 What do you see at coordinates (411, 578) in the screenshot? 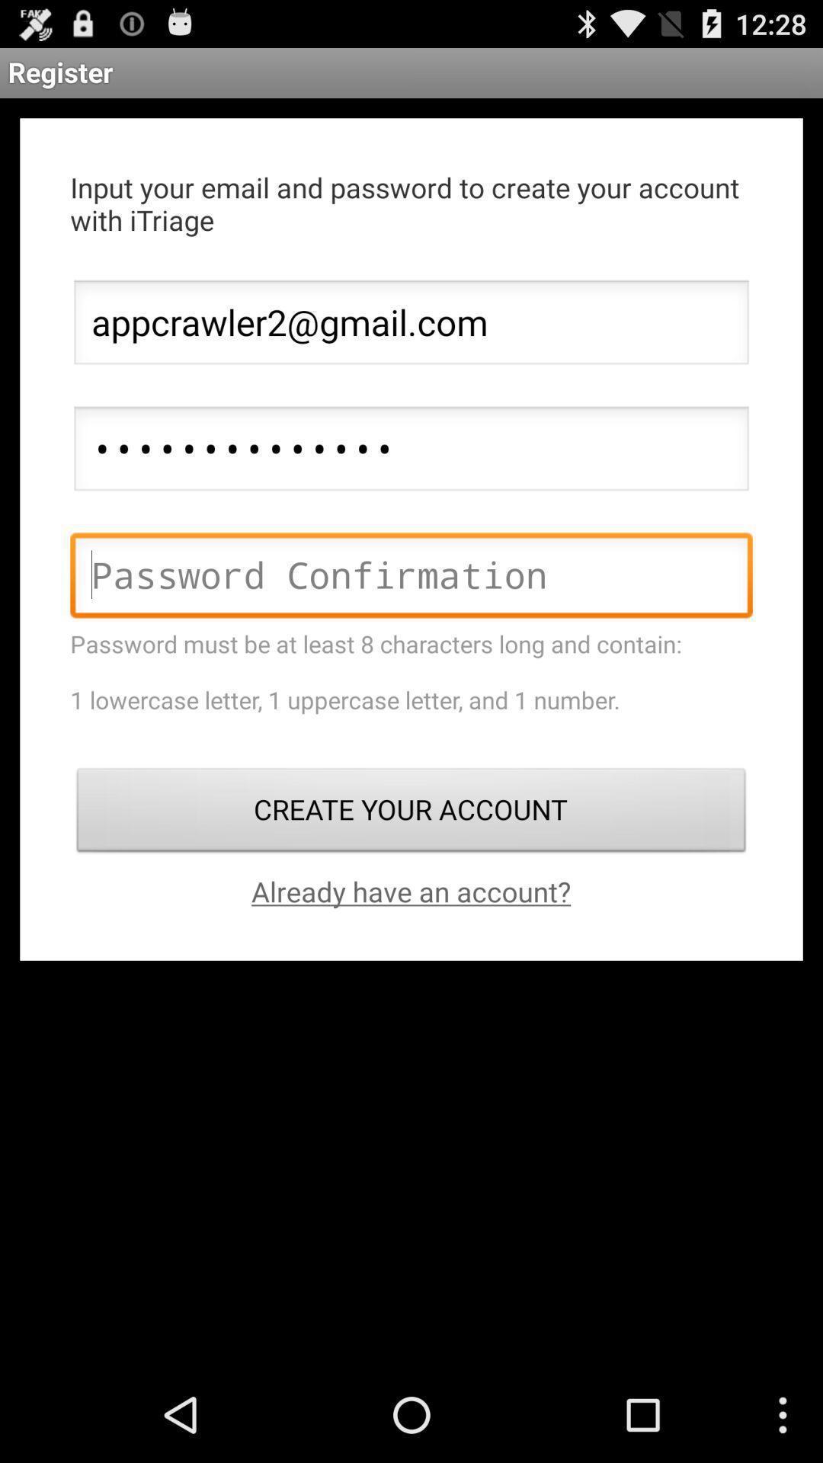
I see `confirm passwordq` at bounding box center [411, 578].